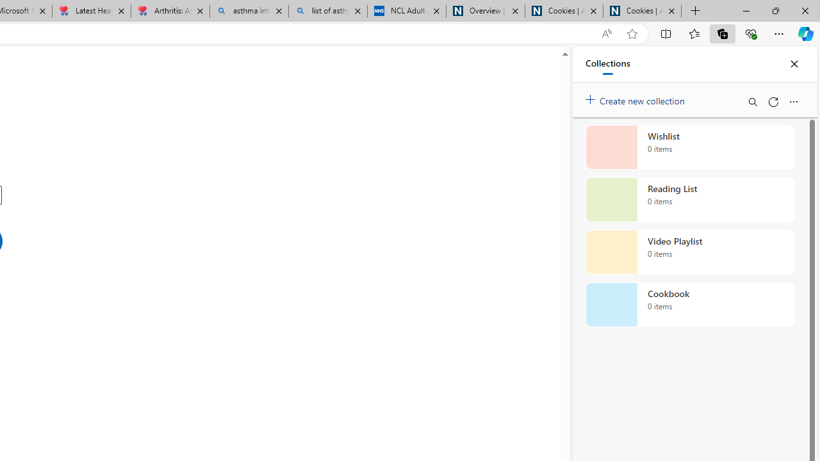 Image resolution: width=820 pixels, height=461 pixels. What do you see at coordinates (689, 200) in the screenshot?
I see `'Reading List collection, 0 items'` at bounding box center [689, 200].